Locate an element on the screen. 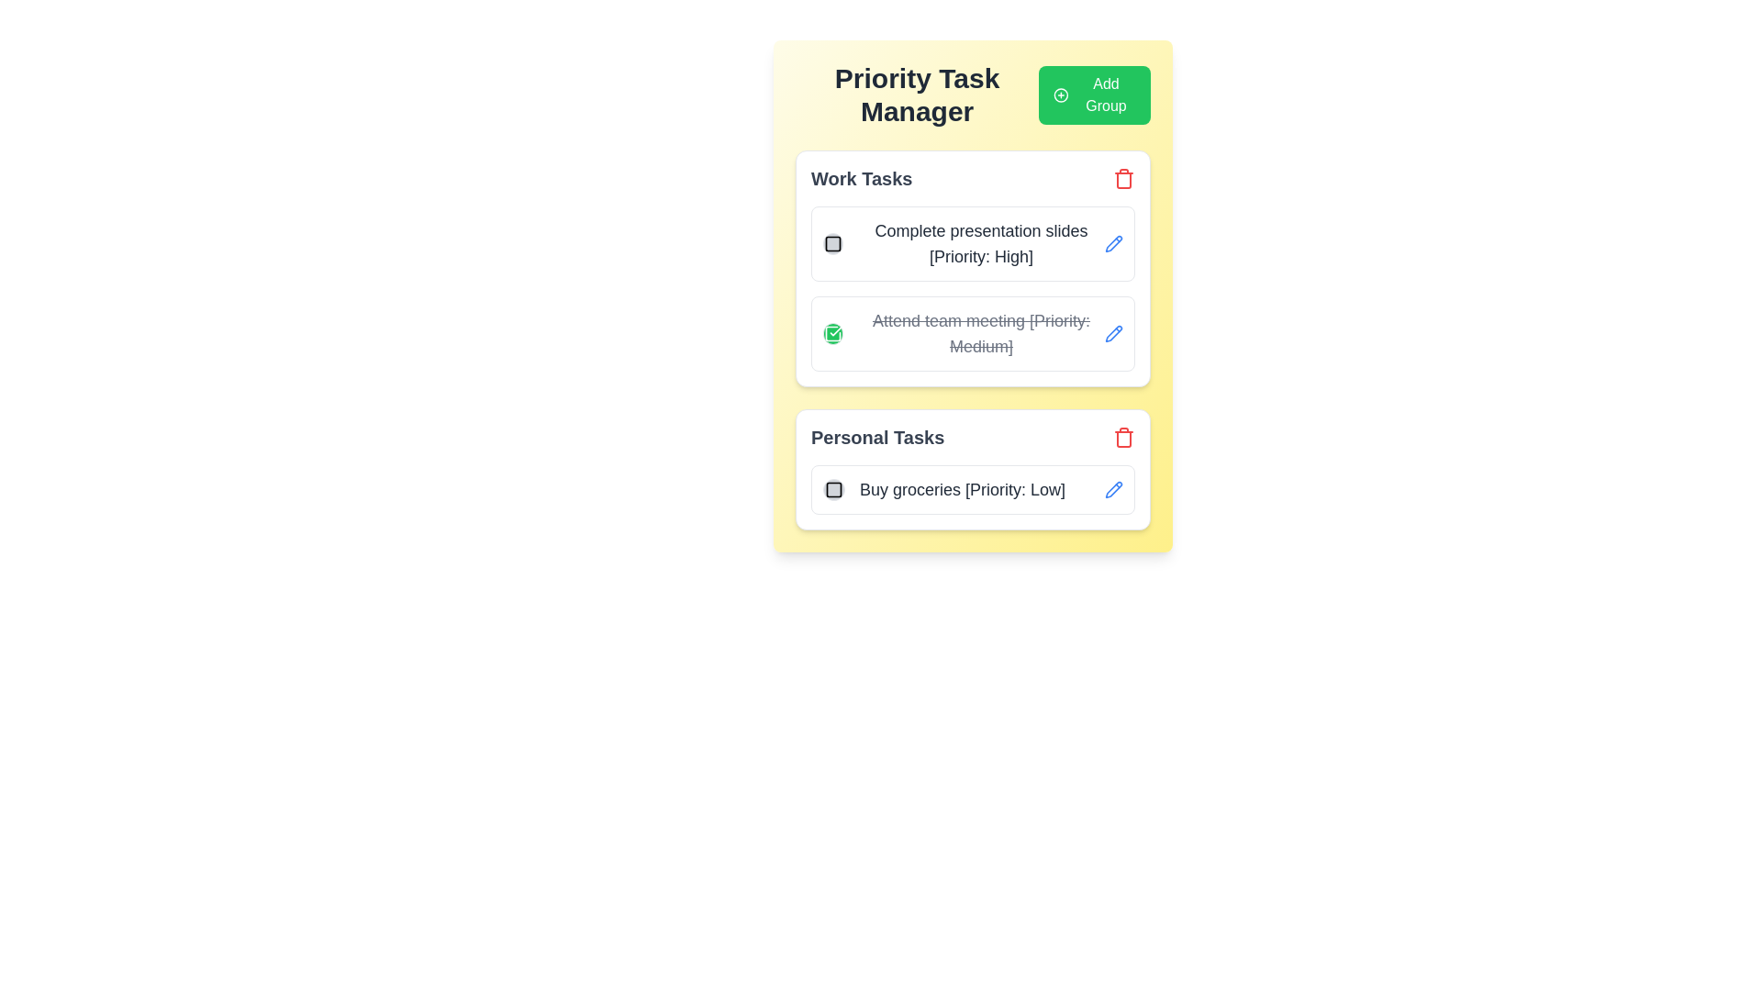 This screenshot has width=1762, height=991. the text label that reads 'Buy groceries [Priority: Low]' located in the 'Personal Tasks' section of the 'Priority Task Manager' interface is located at coordinates (962, 488).